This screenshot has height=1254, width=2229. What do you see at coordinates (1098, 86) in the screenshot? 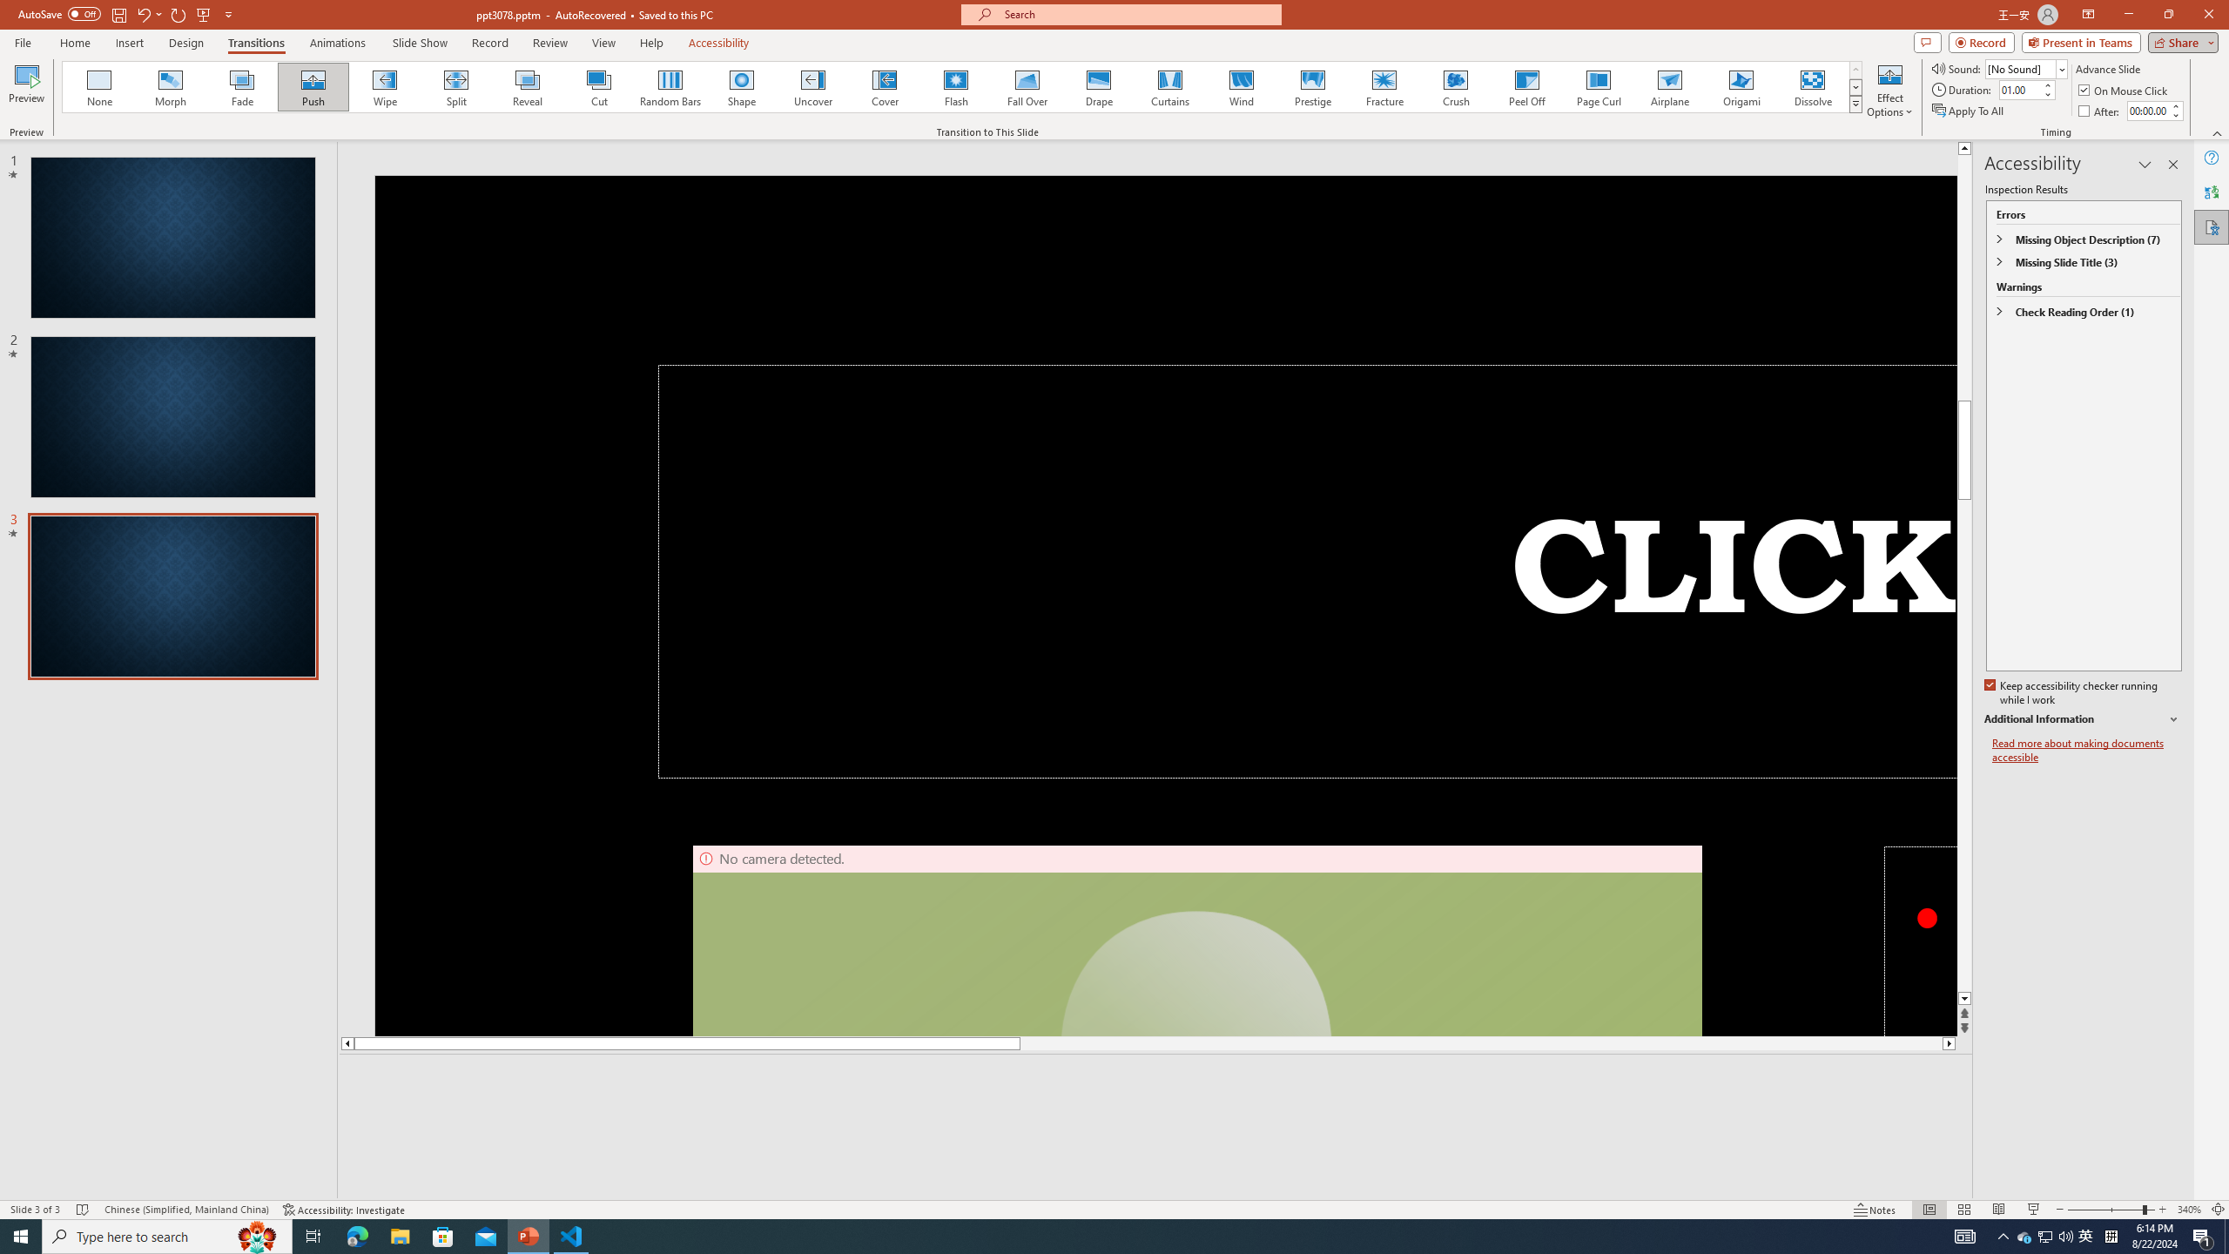
I see `'Drape'` at bounding box center [1098, 86].